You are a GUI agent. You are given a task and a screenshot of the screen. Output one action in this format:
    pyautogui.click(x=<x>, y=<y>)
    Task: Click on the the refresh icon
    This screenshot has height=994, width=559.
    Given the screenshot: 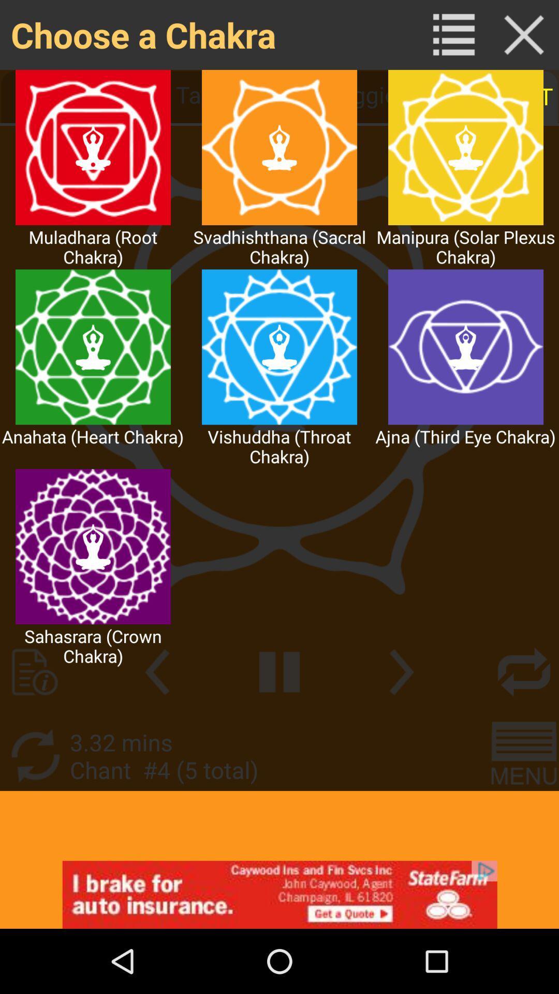 What is the action you would take?
    pyautogui.click(x=34, y=808)
    